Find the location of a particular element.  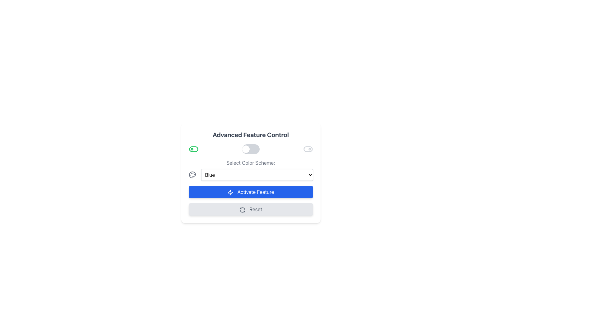

the green toggle switch with a rounded rectangular shape is located at coordinates (193, 149).